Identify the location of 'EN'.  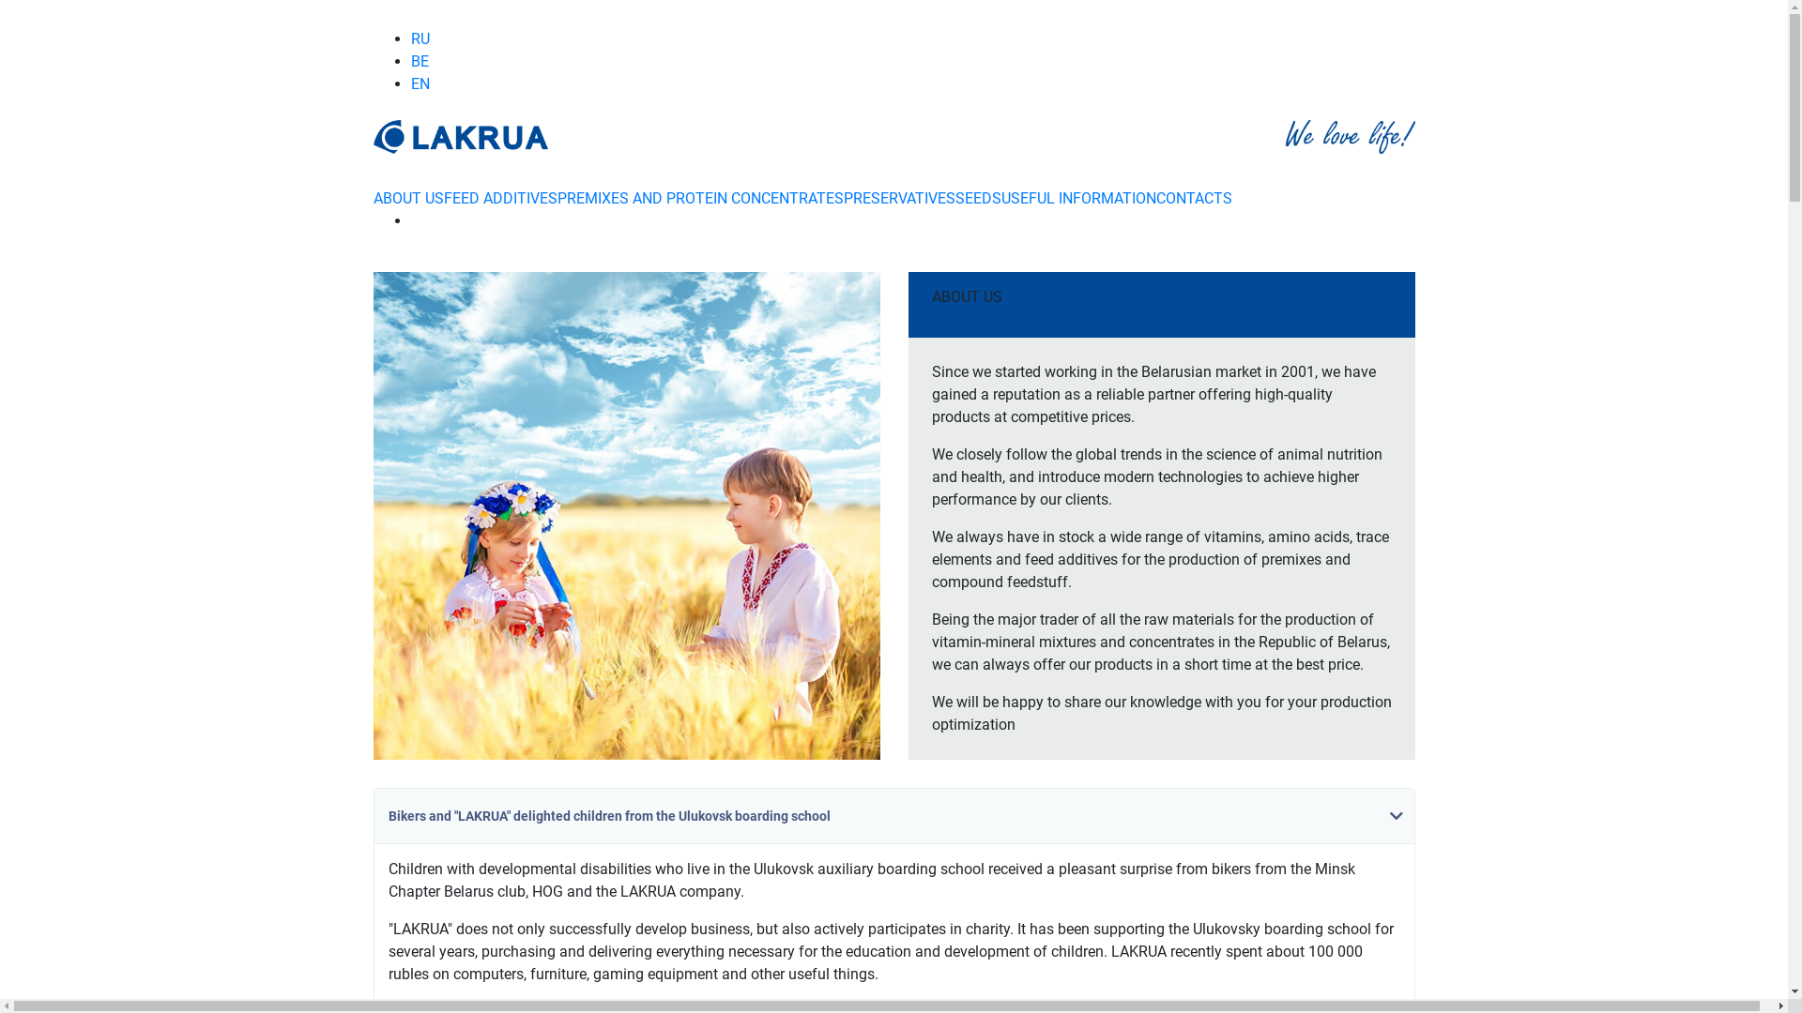
(419, 83).